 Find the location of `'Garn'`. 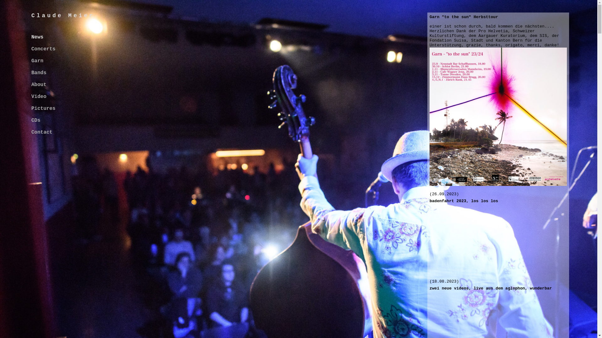

'Garn' is located at coordinates (31, 61).